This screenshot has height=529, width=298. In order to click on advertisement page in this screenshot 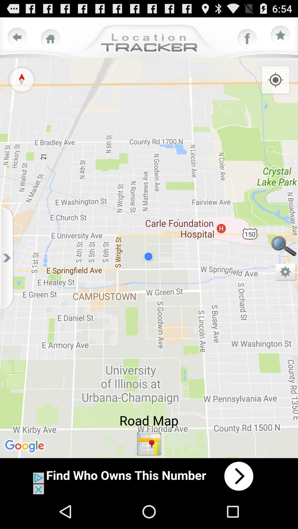, I will do `click(149, 476)`.